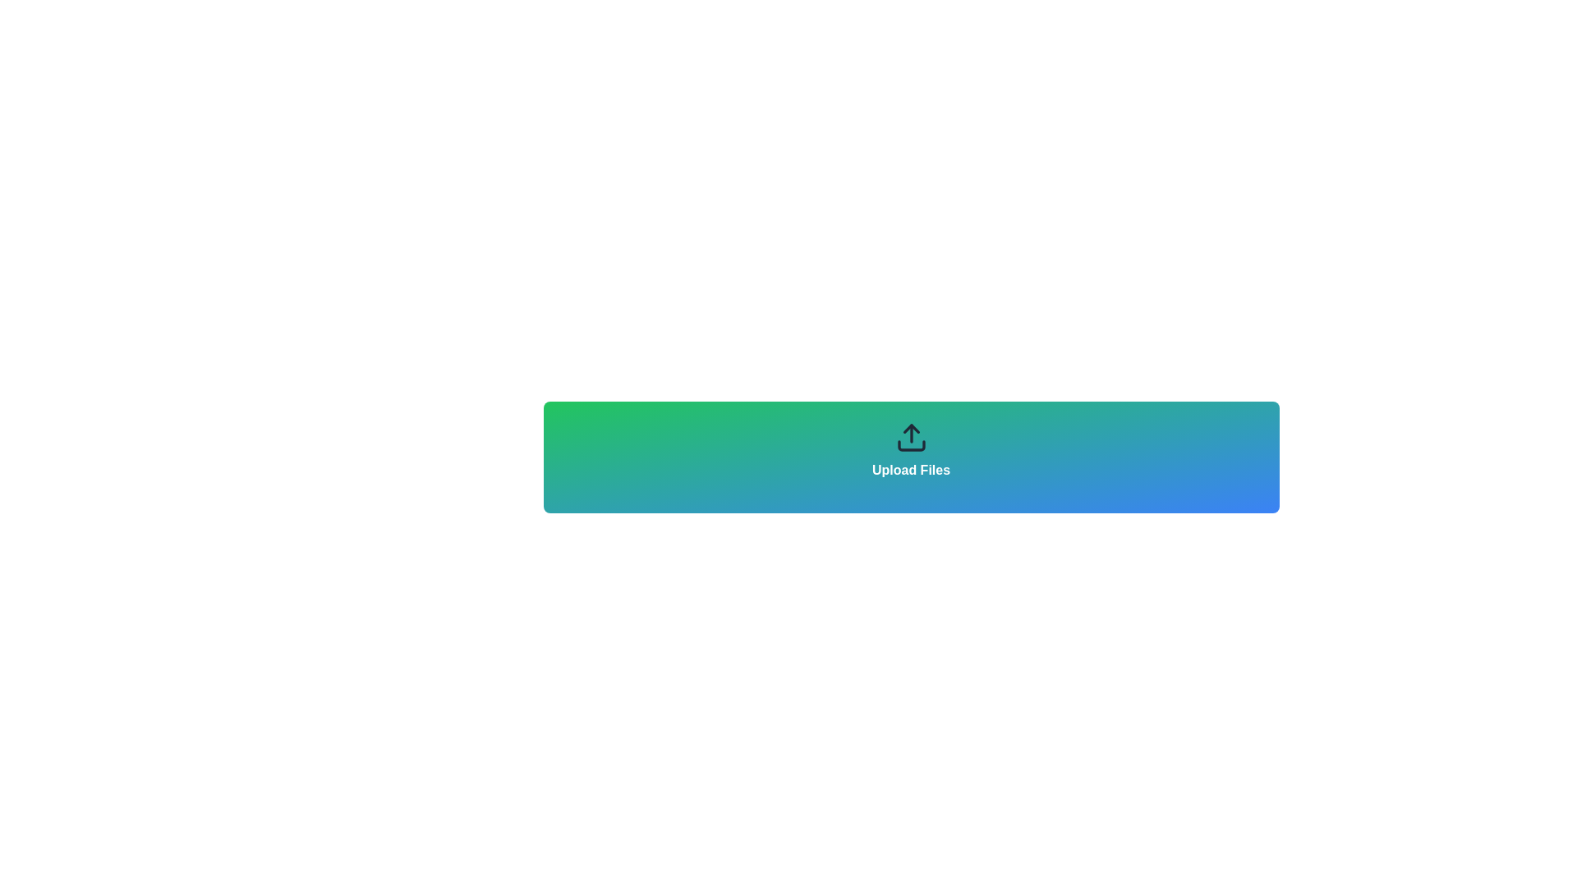 The image size is (1577, 887). I want to click on the upload icon, which symbolizes the functionality of uploading files, located above the 'Upload Files' text, so click(910, 436).